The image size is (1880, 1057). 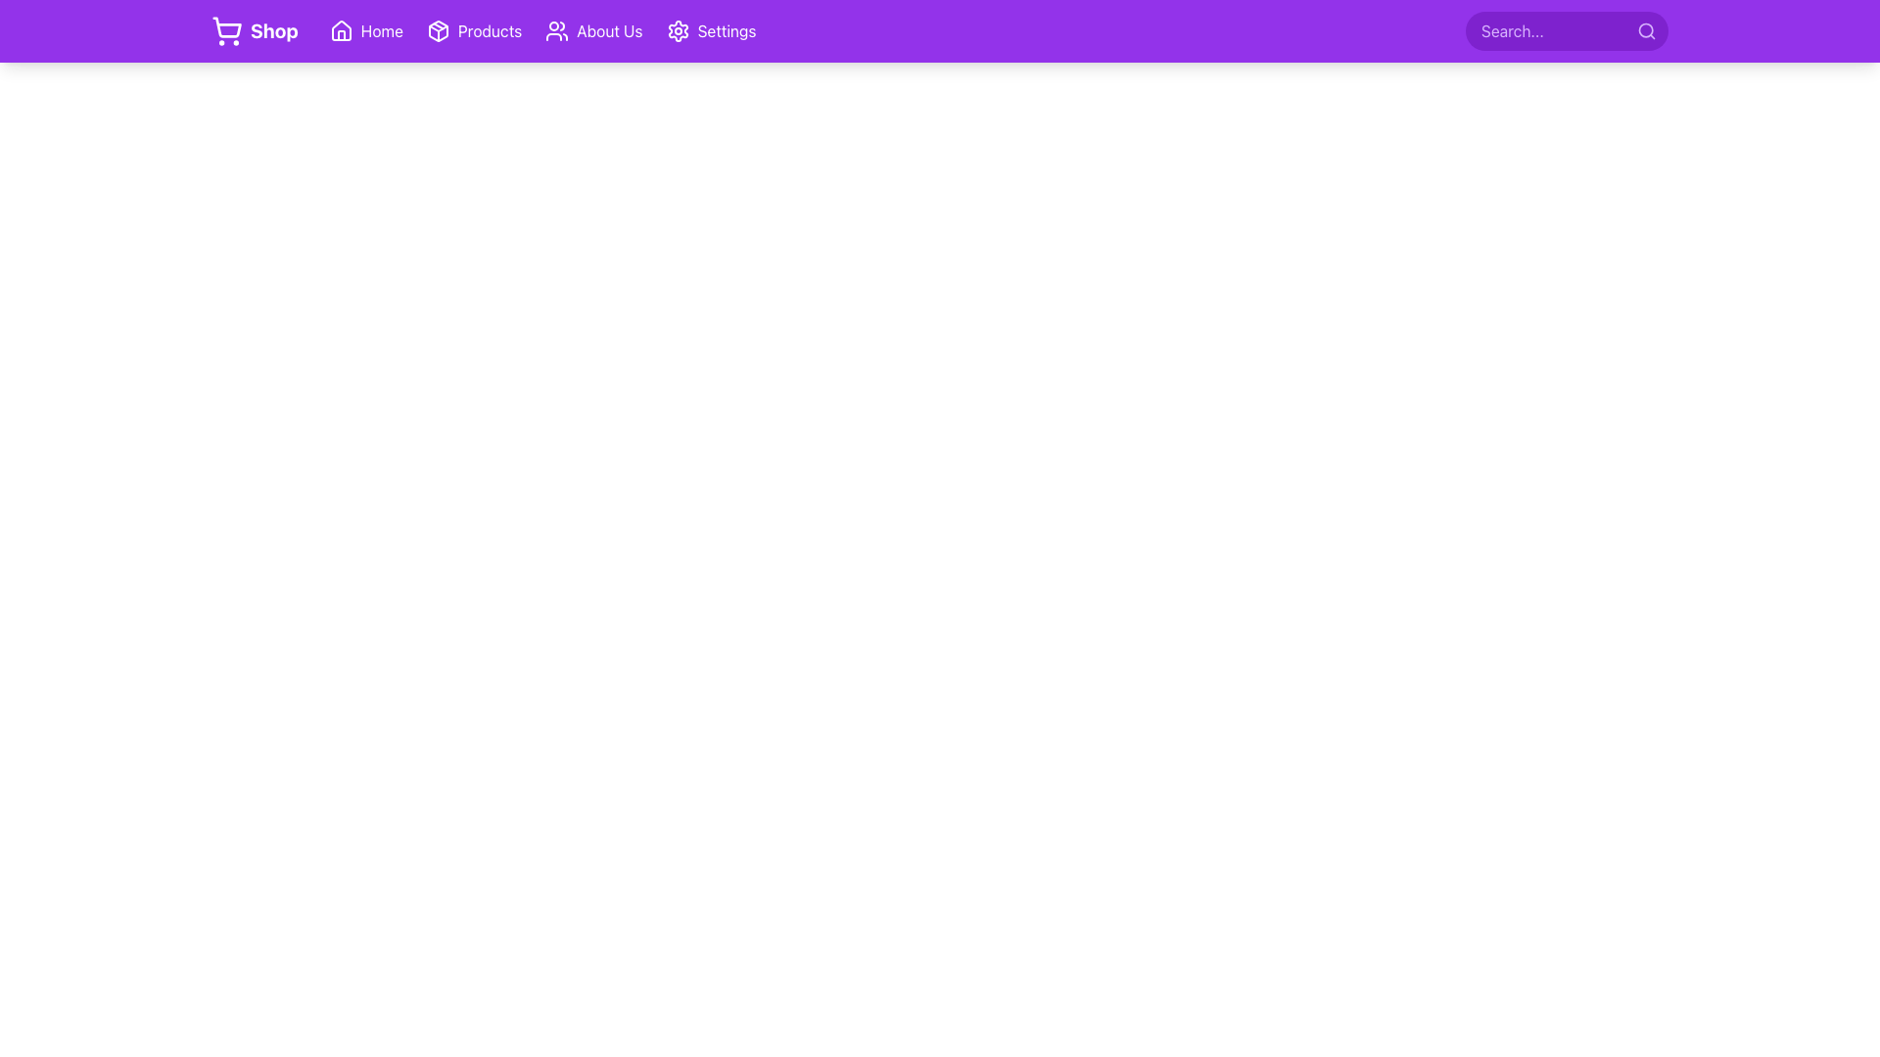 I want to click on the settings icon located in the navigation bar, which is immediately to the left of the 'Settings' text, so click(x=678, y=30).